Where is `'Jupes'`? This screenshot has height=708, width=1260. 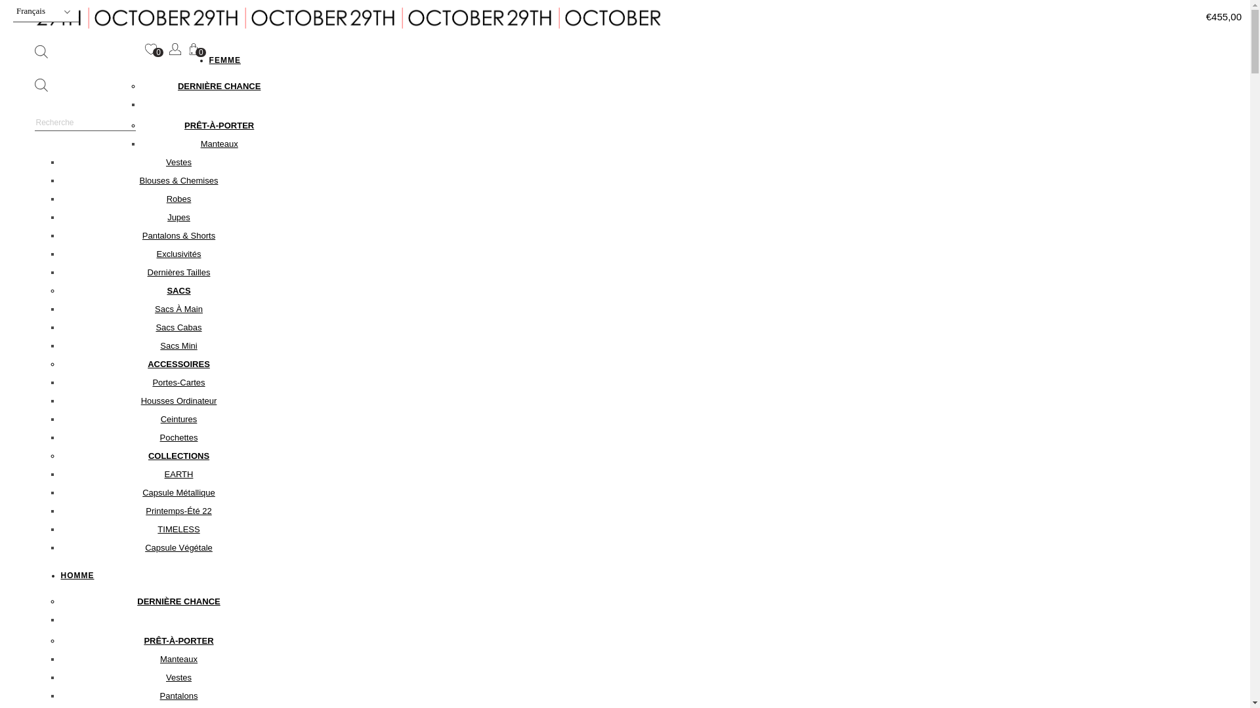
'Jupes' is located at coordinates (178, 216).